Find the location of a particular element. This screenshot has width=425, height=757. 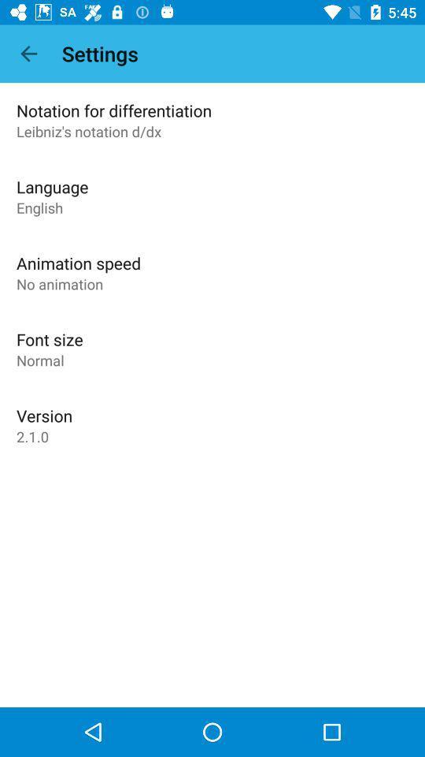

the item below the animation speed item is located at coordinates (59, 284).